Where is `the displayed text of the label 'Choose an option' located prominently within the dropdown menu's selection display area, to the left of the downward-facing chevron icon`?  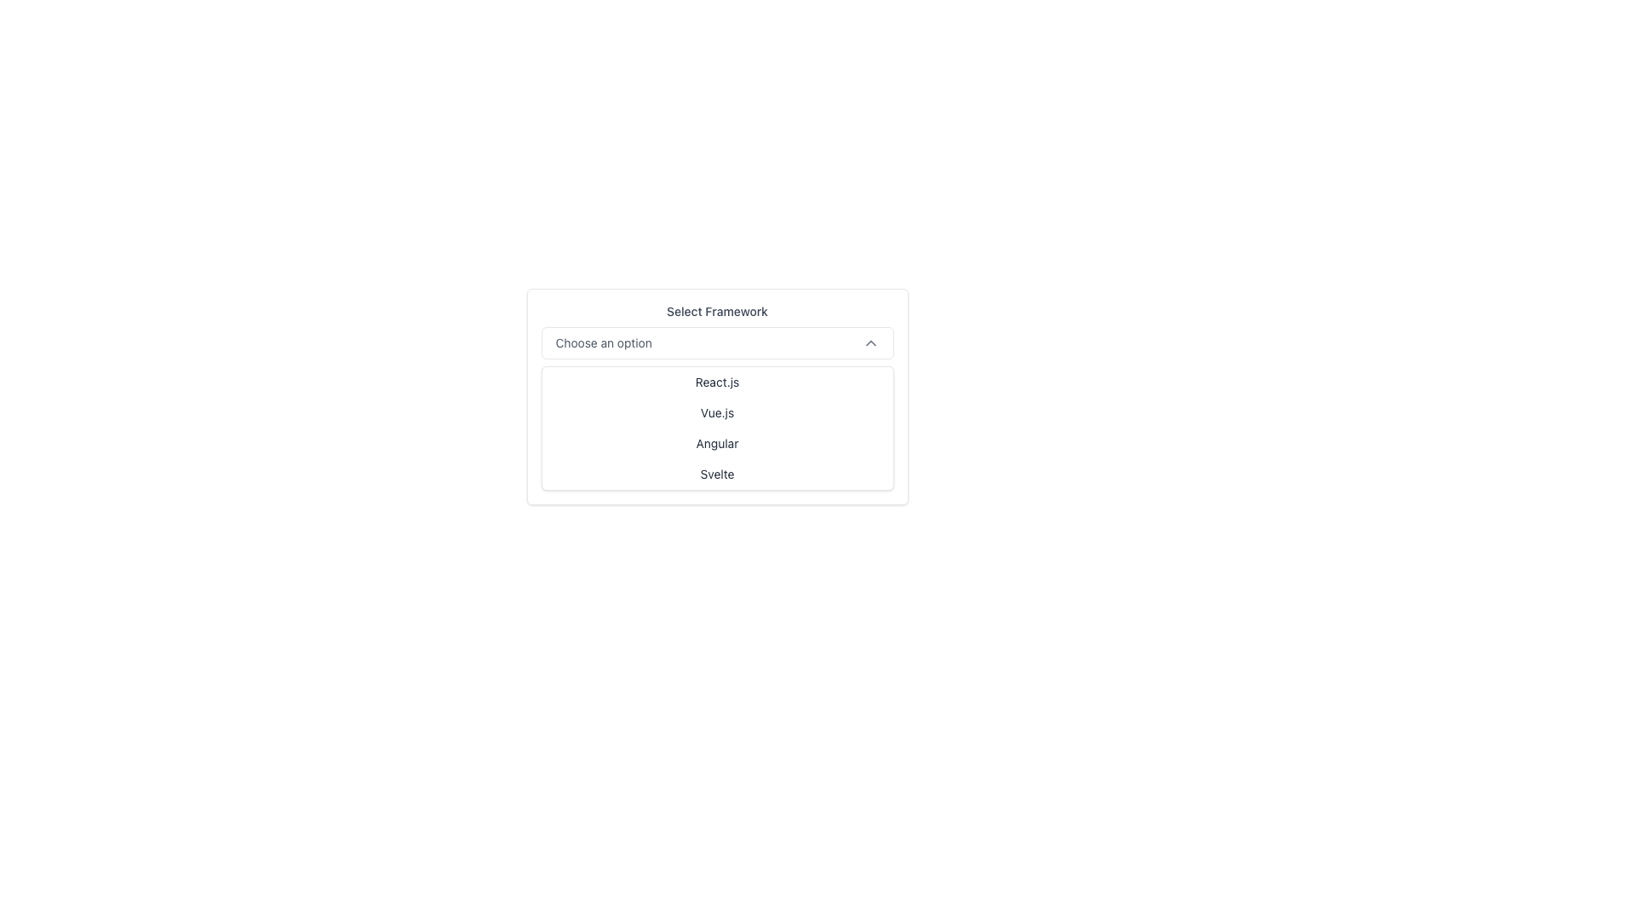 the displayed text of the label 'Choose an option' located prominently within the dropdown menu's selection display area, to the left of the downward-facing chevron icon is located at coordinates (604, 342).